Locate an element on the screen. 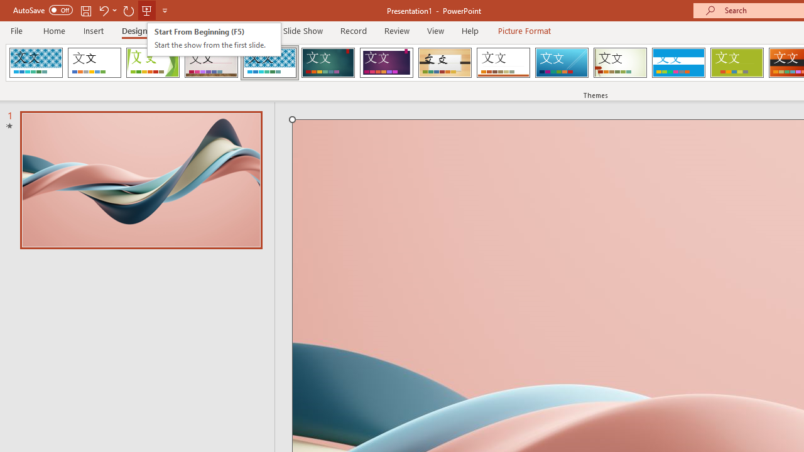 The height and width of the screenshot is (452, 804). 'AfterglowVTI' is located at coordinates (36, 63).